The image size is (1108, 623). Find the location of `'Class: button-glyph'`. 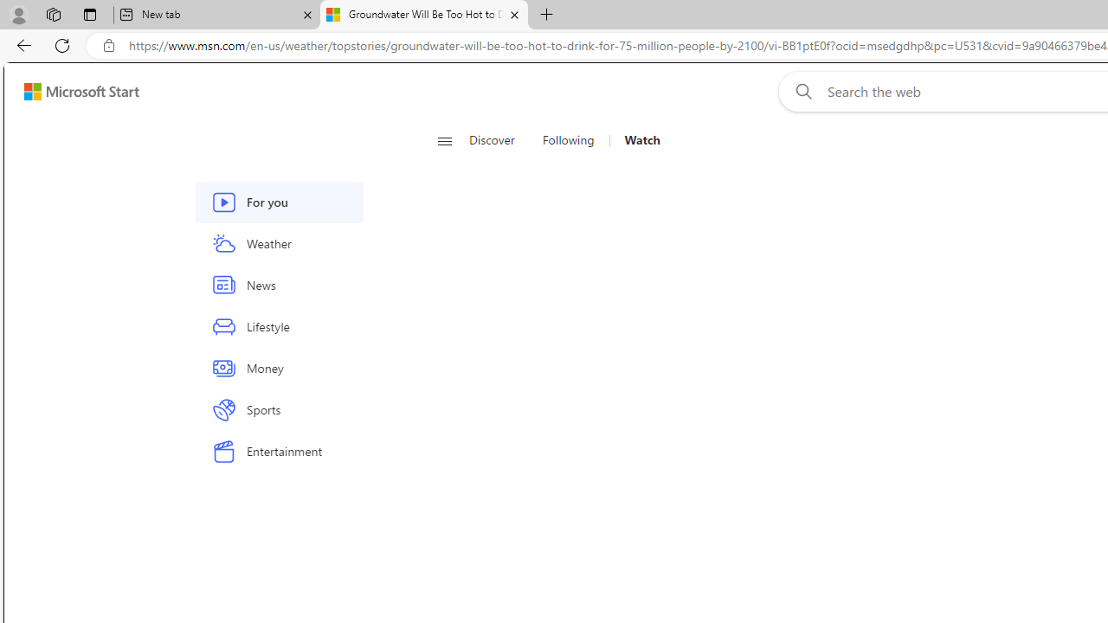

'Class: button-glyph' is located at coordinates (444, 140).